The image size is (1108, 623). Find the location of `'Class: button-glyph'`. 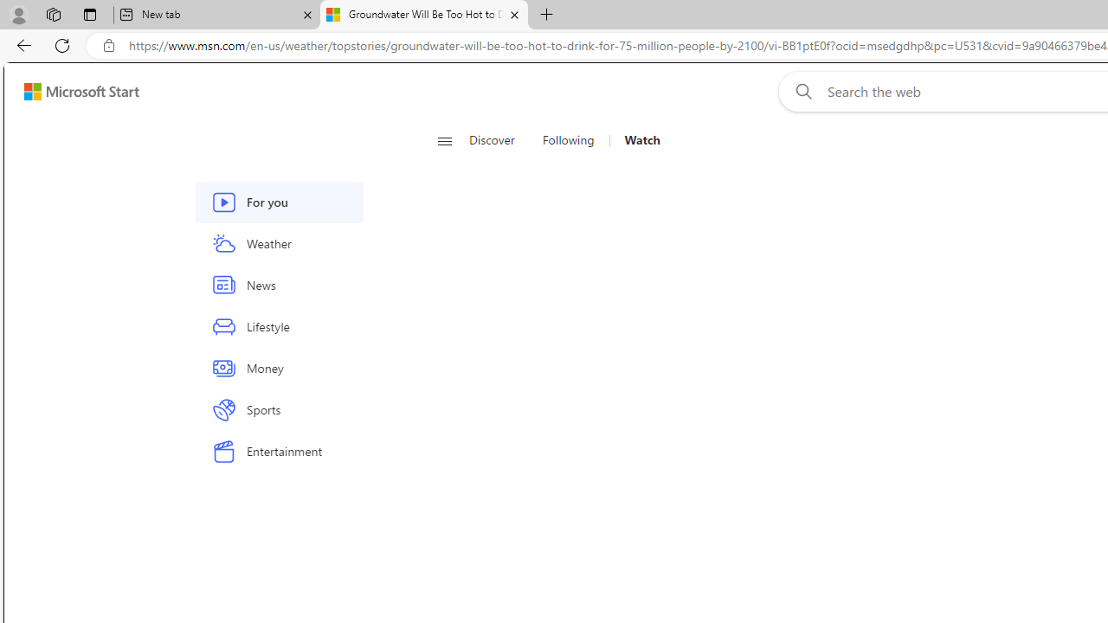

'Class: button-glyph' is located at coordinates (444, 140).